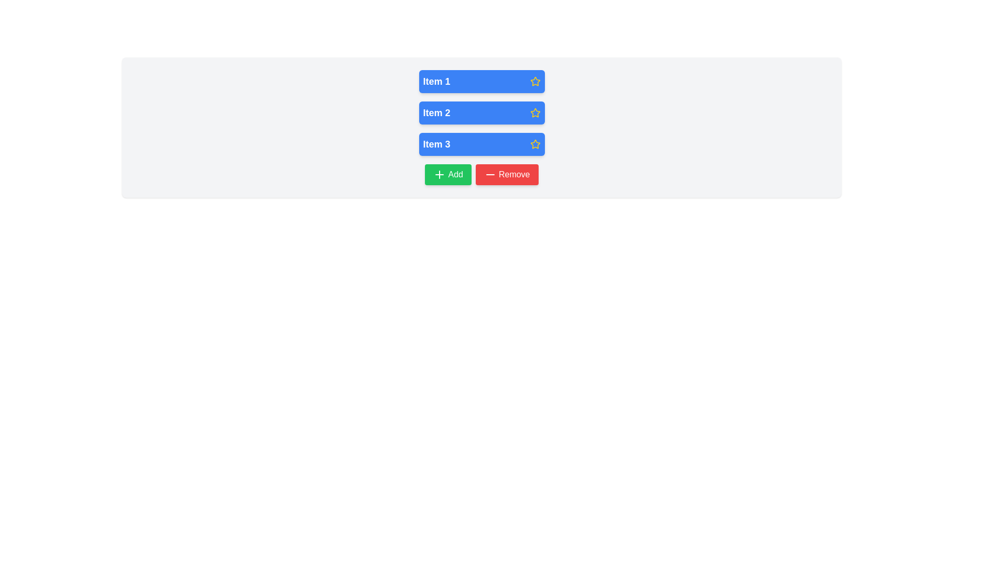 Image resolution: width=1006 pixels, height=565 pixels. What do you see at coordinates (535, 113) in the screenshot?
I see `the star-shaped icon with a yellow outline located to the right of the text 'Item 2' within the blue button` at bounding box center [535, 113].